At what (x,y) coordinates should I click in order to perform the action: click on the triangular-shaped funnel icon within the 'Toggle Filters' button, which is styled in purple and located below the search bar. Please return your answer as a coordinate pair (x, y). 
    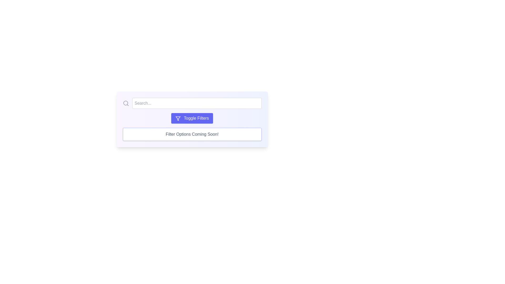
    Looking at the image, I should click on (178, 118).